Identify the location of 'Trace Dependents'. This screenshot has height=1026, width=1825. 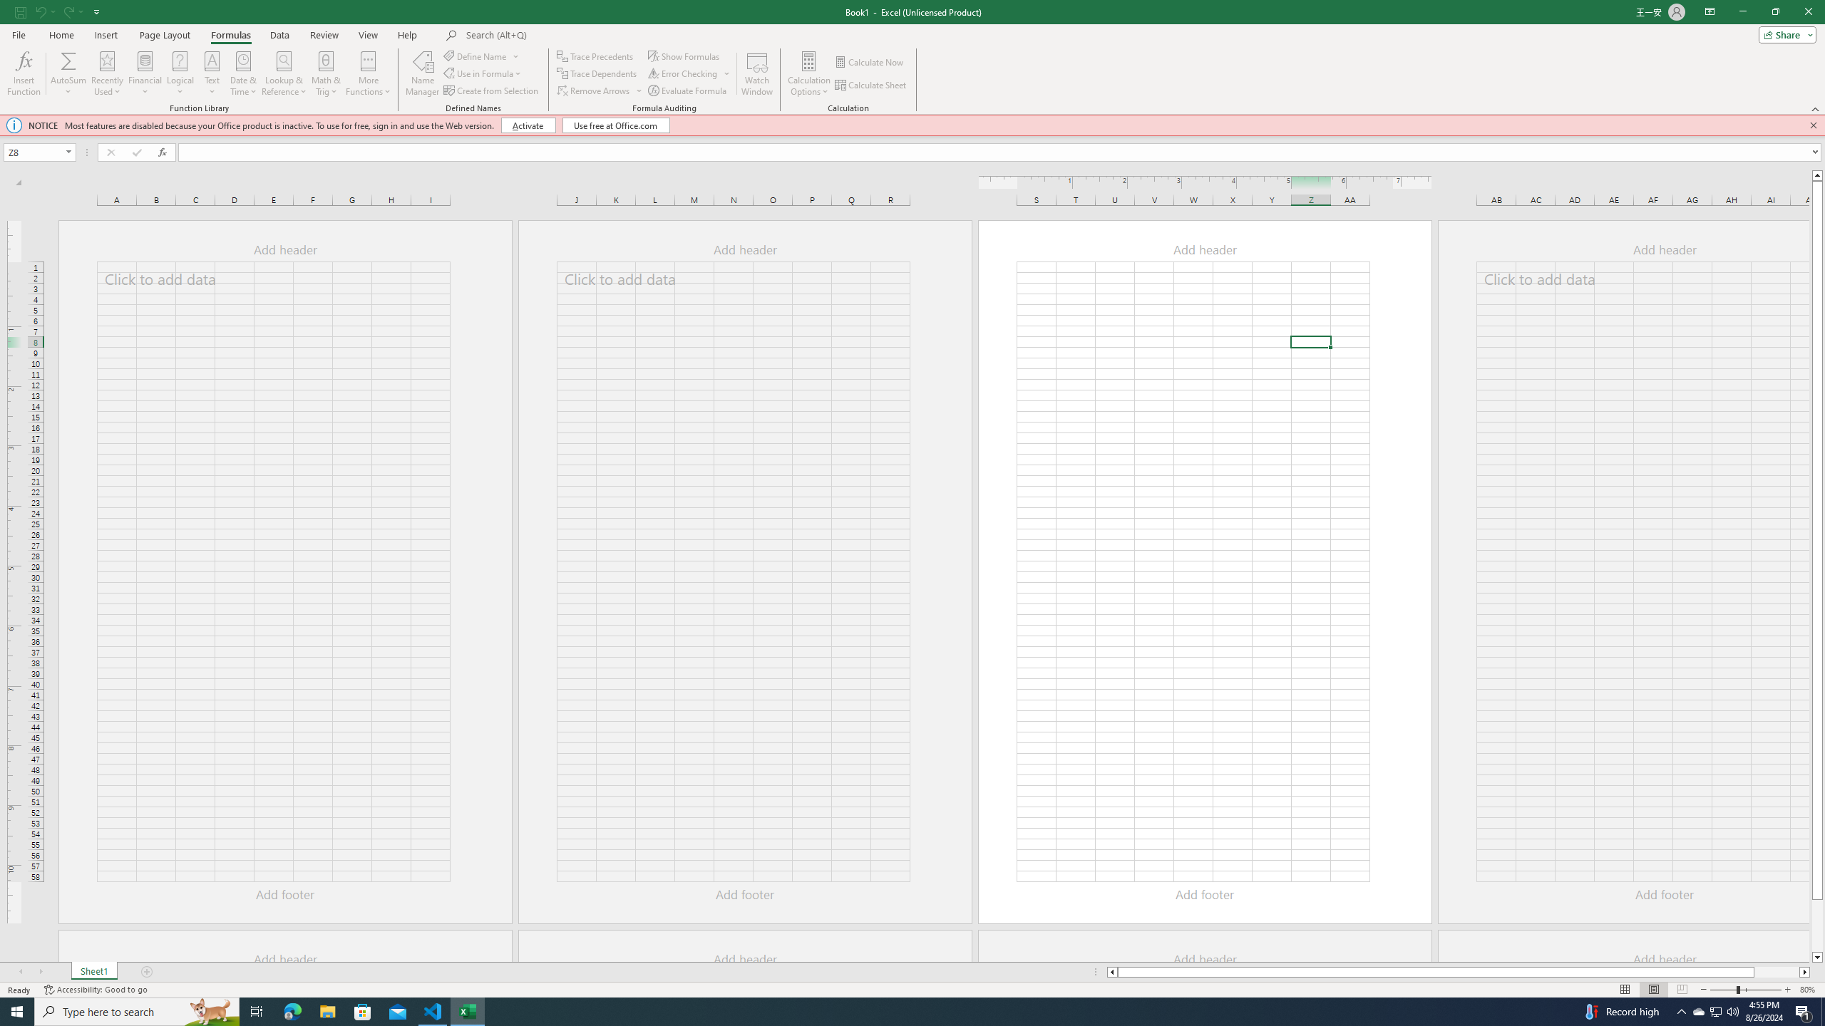
(598, 73).